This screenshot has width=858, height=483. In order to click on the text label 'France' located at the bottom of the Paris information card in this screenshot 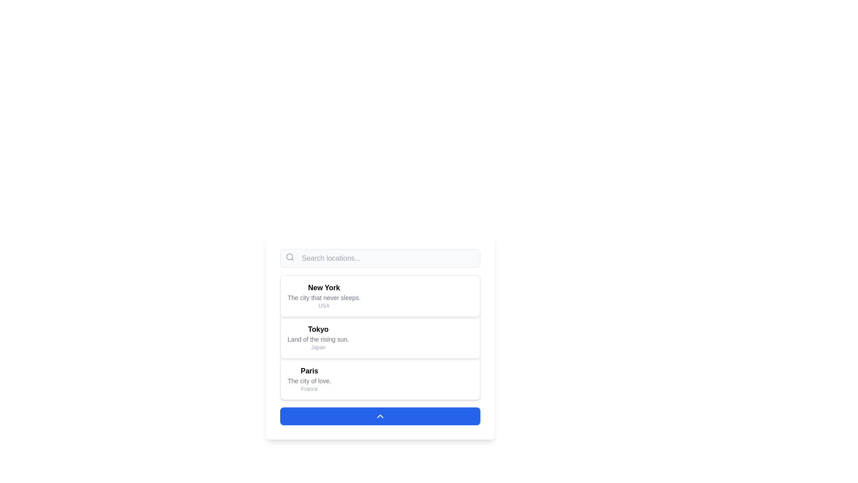, I will do `click(309, 389)`.